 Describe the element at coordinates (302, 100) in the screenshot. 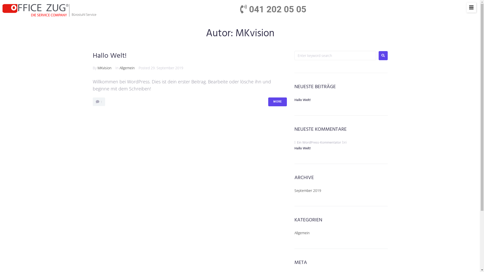

I see `'Hallo Welt!'` at that location.